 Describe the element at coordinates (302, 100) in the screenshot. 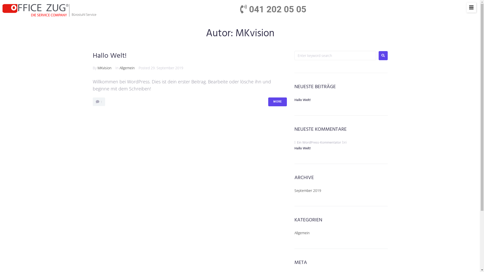

I see `'Hallo Welt!'` at that location.